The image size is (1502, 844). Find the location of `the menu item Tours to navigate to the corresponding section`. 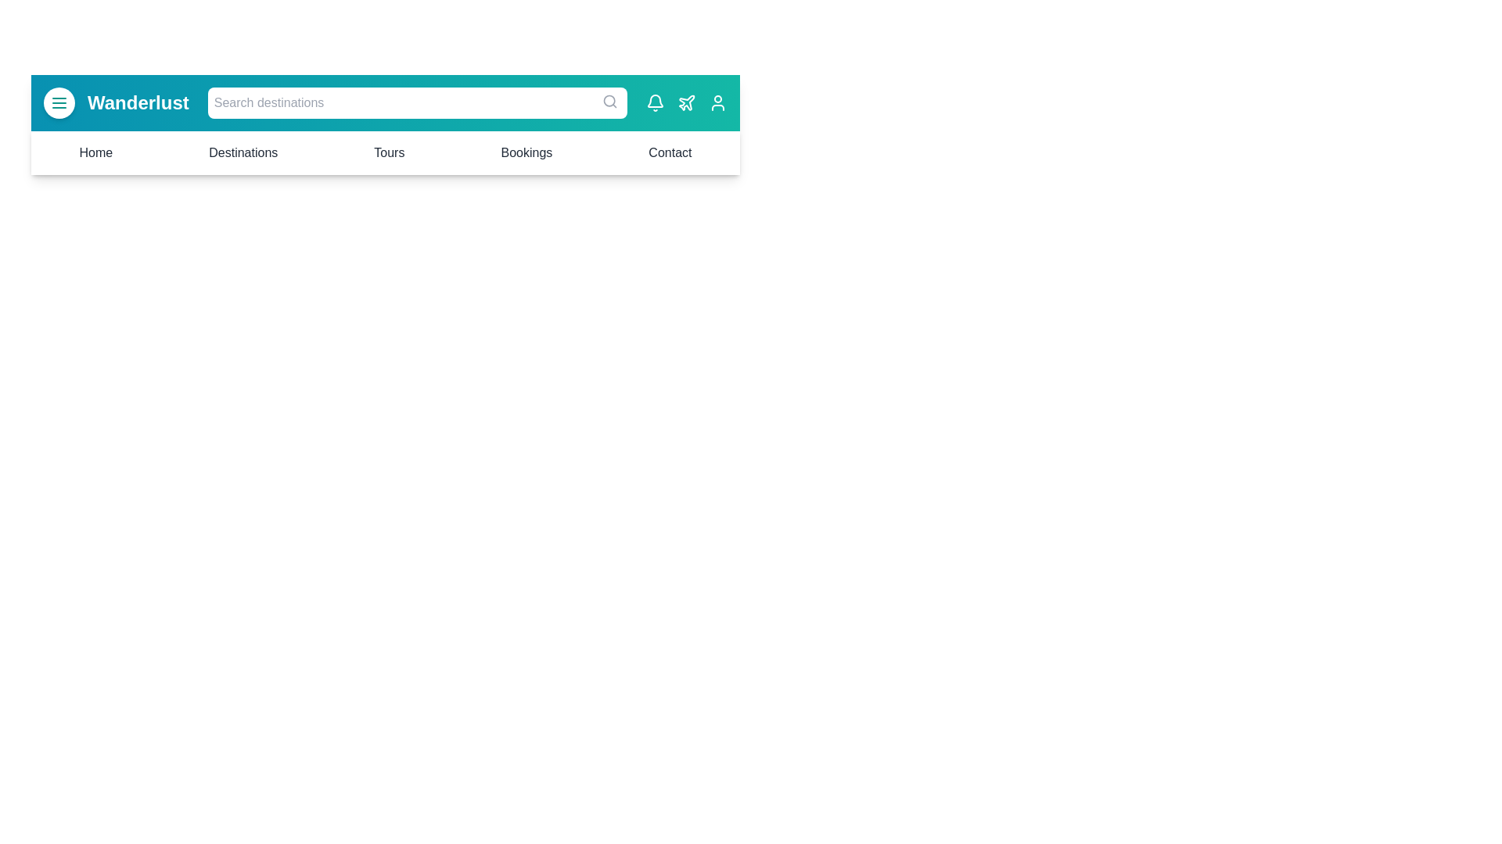

the menu item Tours to navigate to the corresponding section is located at coordinates (389, 153).